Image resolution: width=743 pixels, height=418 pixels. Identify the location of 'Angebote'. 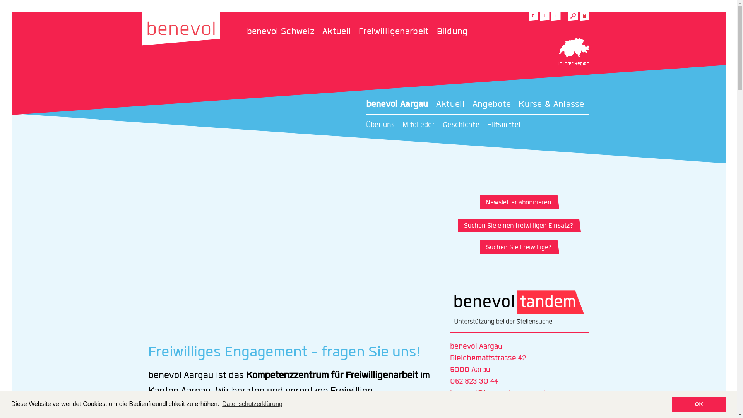
(495, 104).